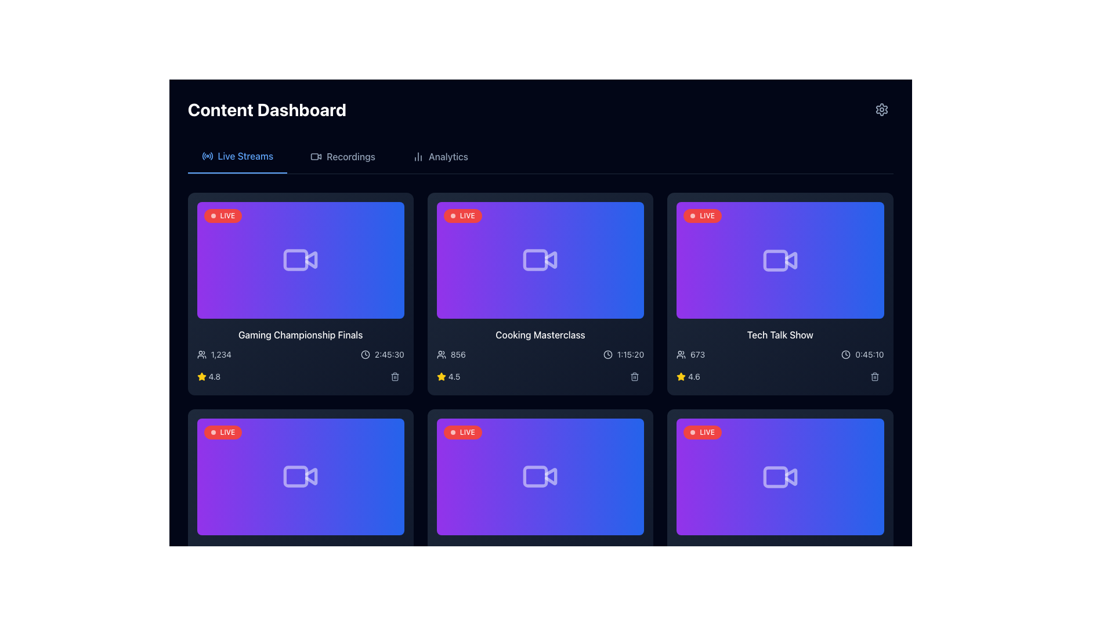 The image size is (1114, 627). Describe the element at coordinates (694, 376) in the screenshot. I see `the static text element displaying the numeric value '4.6' in light gray color, located adjacent to a yellow star icon within the 'Tech Talk Show' card` at that location.